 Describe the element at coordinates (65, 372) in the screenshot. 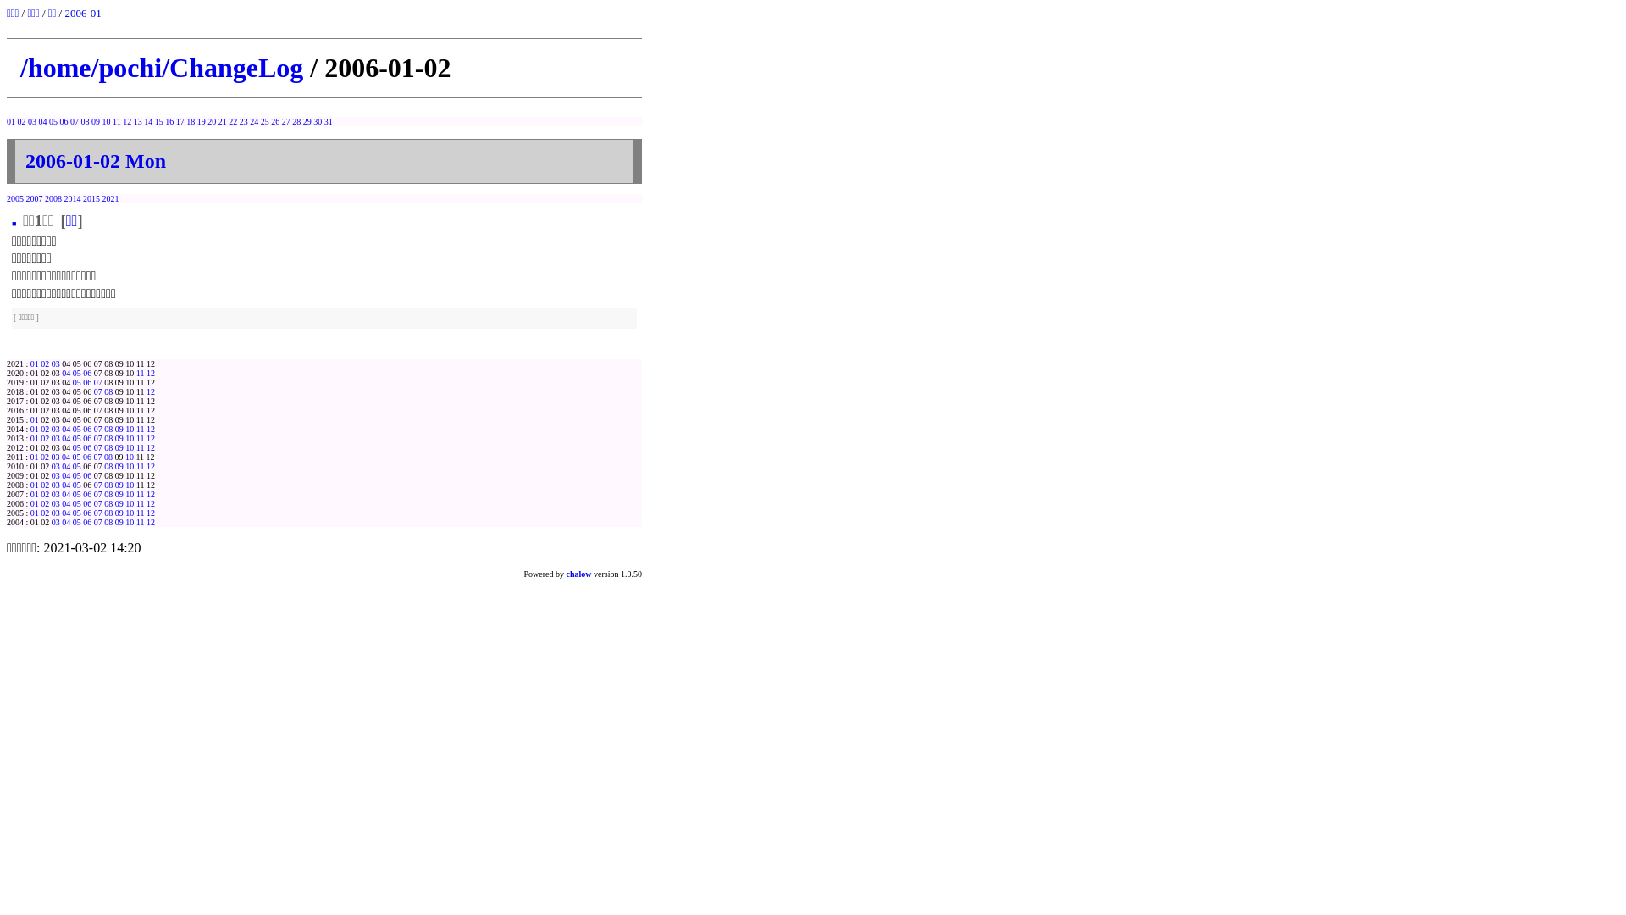

I see `'04'` at that location.